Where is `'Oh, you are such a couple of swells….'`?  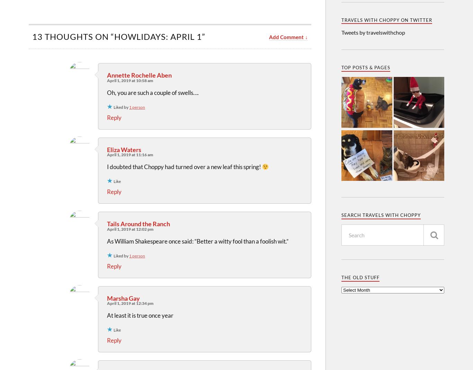 'Oh, you are such a couple of swells….' is located at coordinates (152, 92).